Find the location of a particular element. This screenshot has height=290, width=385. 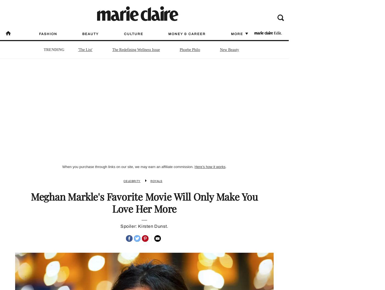

'Spoiler: Kirsten Dunst.' is located at coordinates (144, 226).